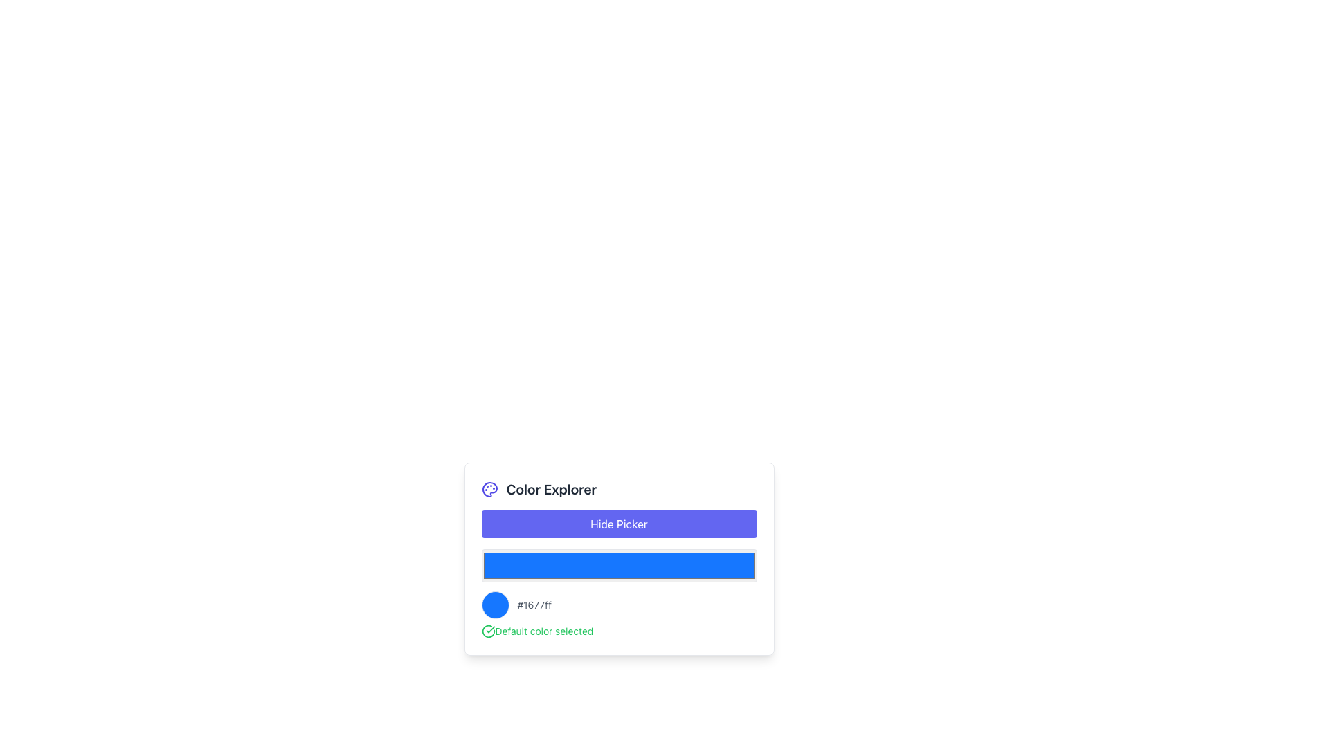  Describe the element at coordinates (550, 489) in the screenshot. I see `the title or heading text for the 'Color Explorer' section, which is positioned to the right of a circular palette icon within the header area of a UI card` at that location.